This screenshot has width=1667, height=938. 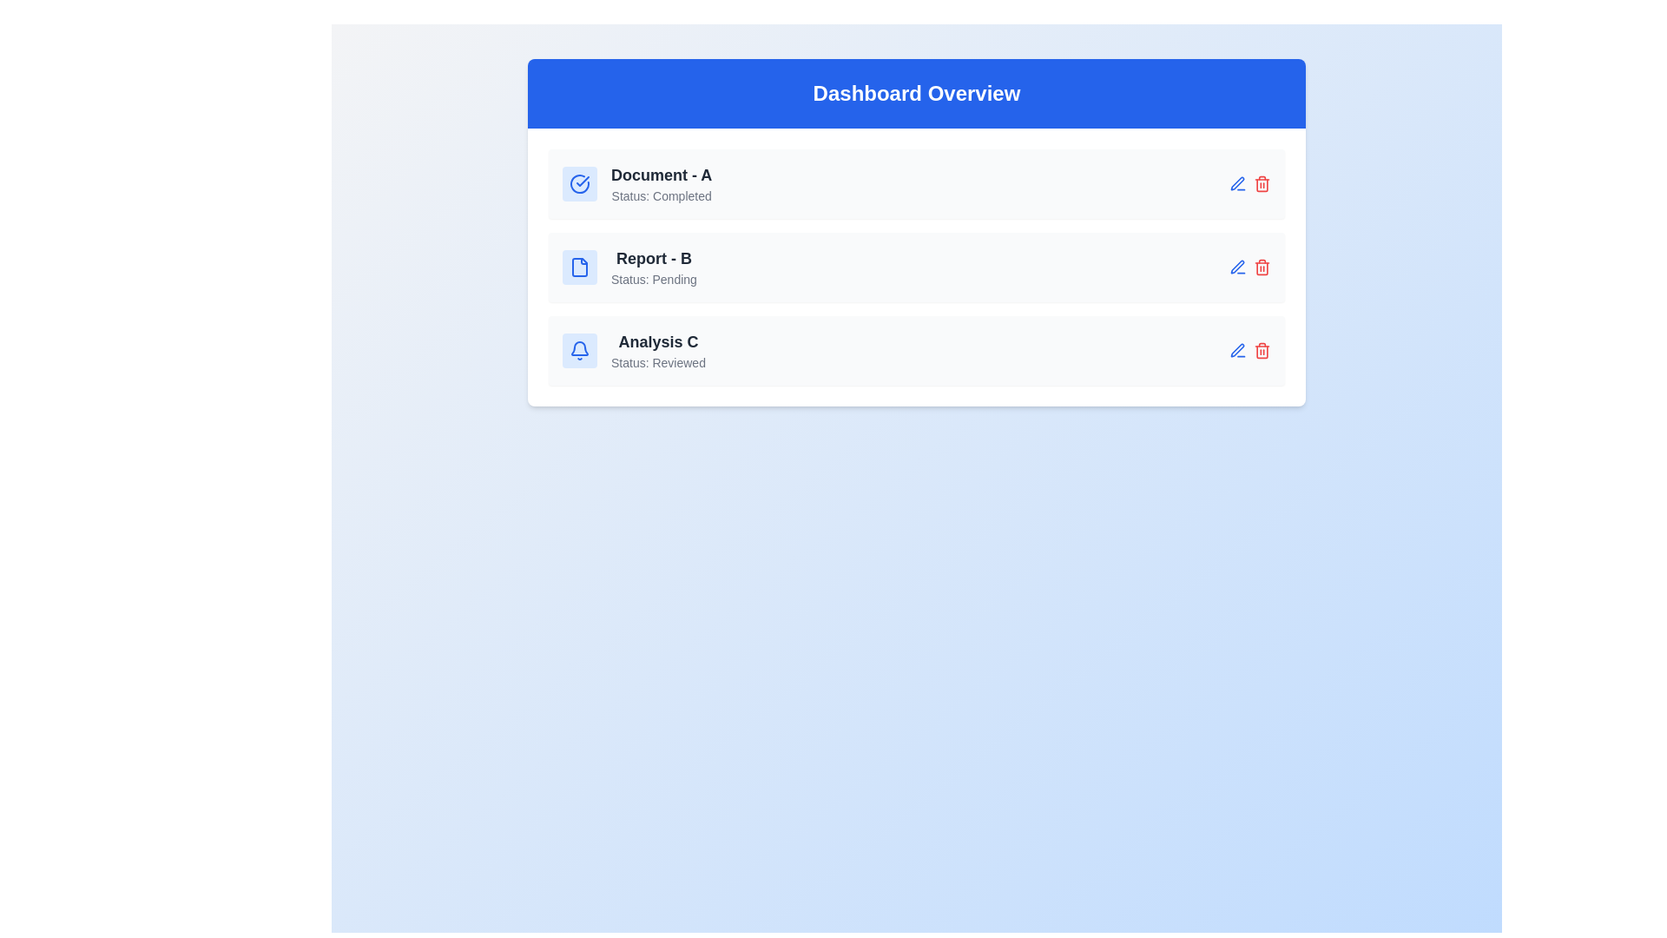 I want to click on text content displayed in the text component that shows 'Analysis C' and 'Status: Reviewed', so click(x=657, y=351).